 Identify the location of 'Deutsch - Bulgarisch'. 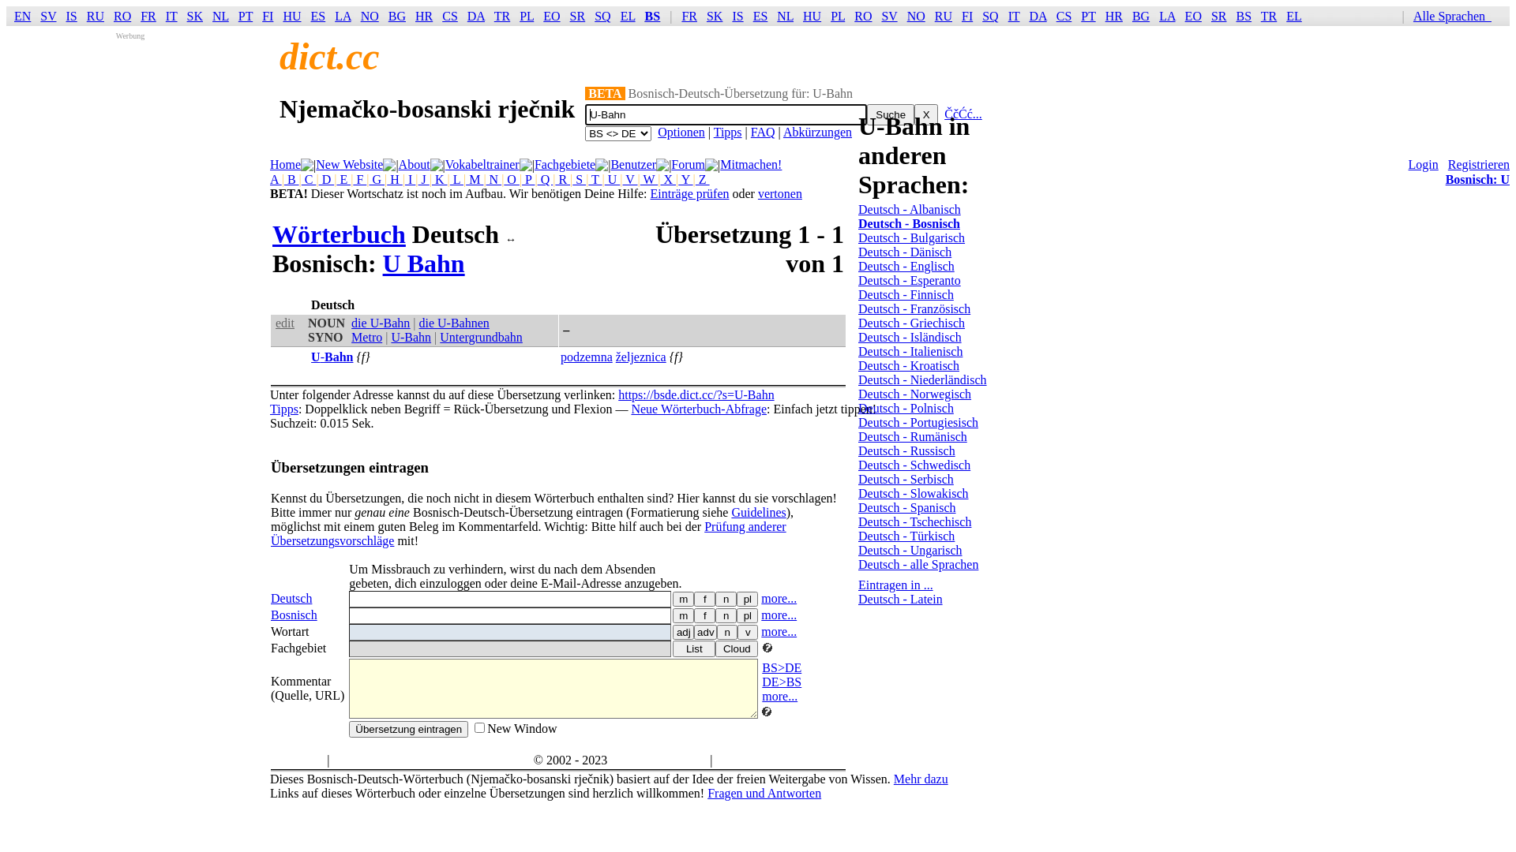
(911, 237).